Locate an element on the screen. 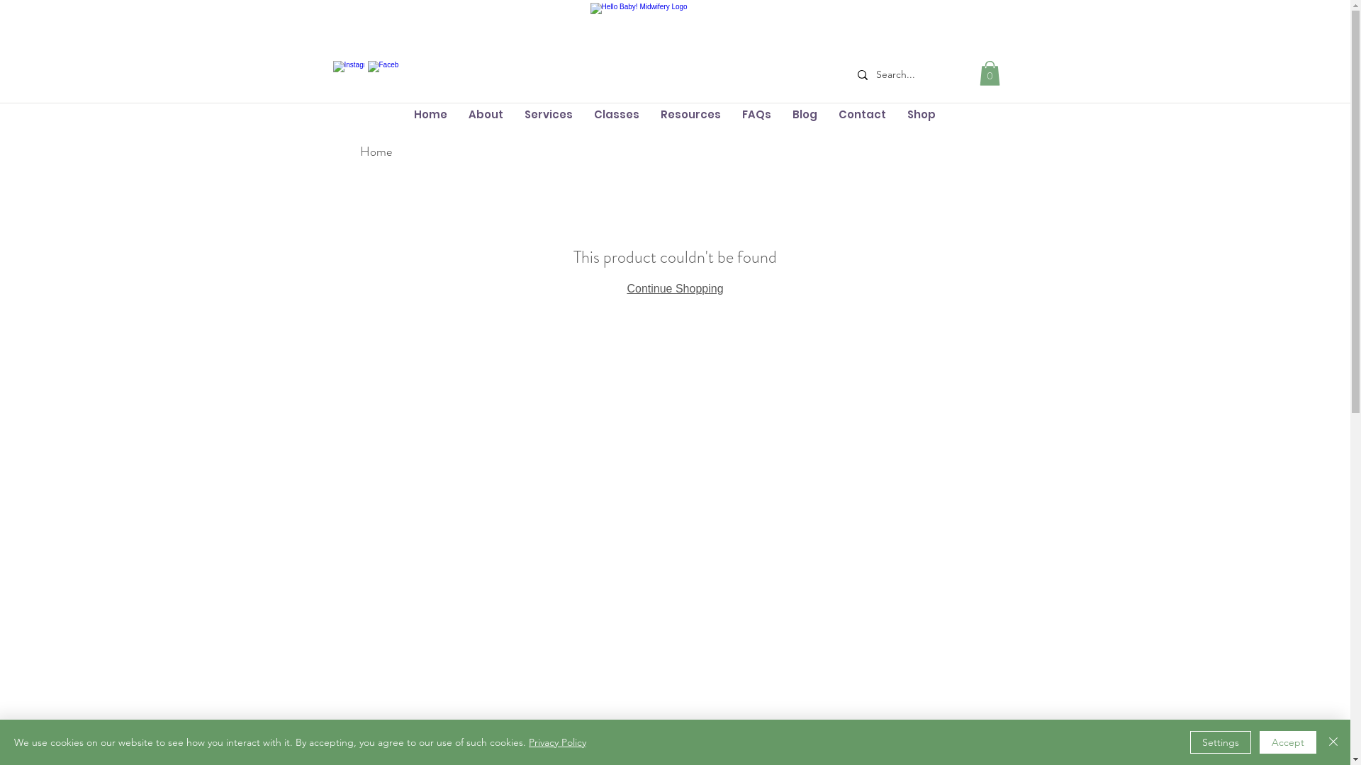  '0' is located at coordinates (989, 73).